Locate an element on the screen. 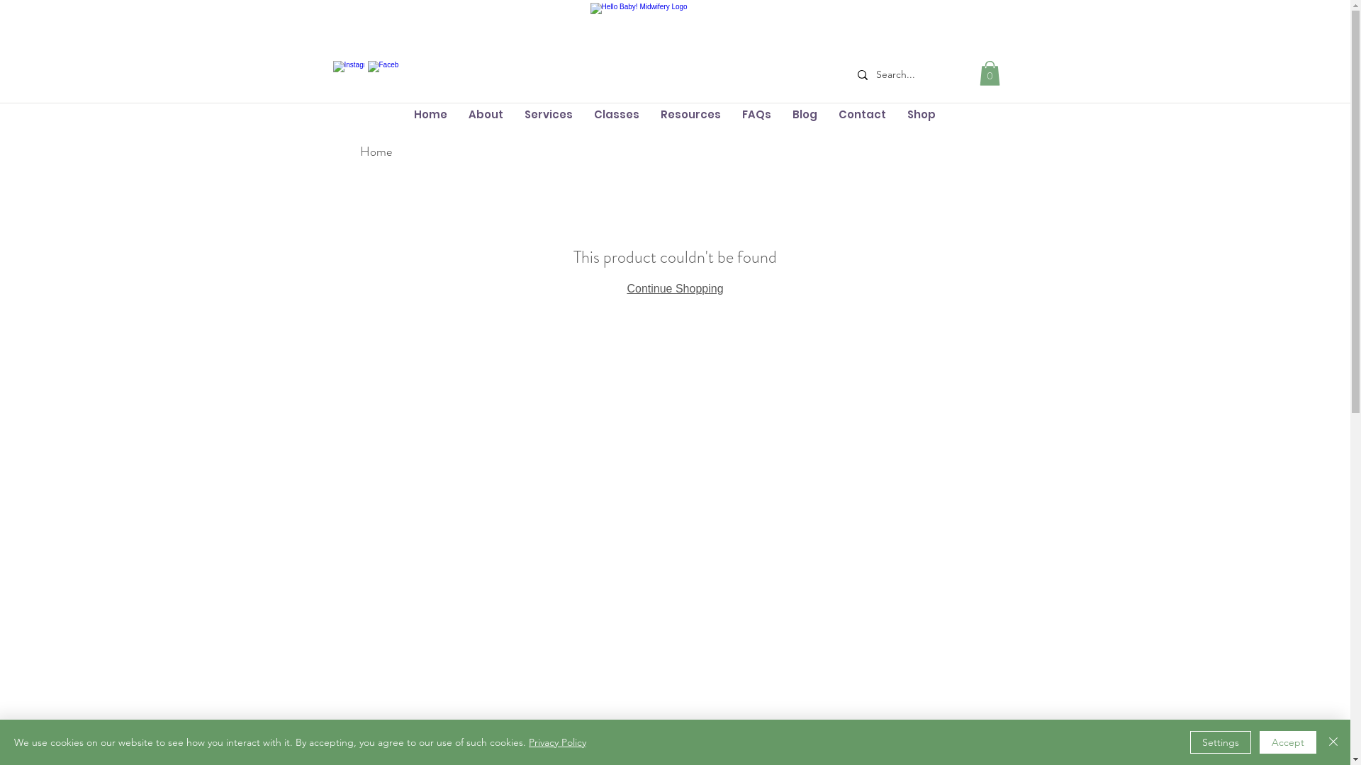  '0' is located at coordinates (989, 73).